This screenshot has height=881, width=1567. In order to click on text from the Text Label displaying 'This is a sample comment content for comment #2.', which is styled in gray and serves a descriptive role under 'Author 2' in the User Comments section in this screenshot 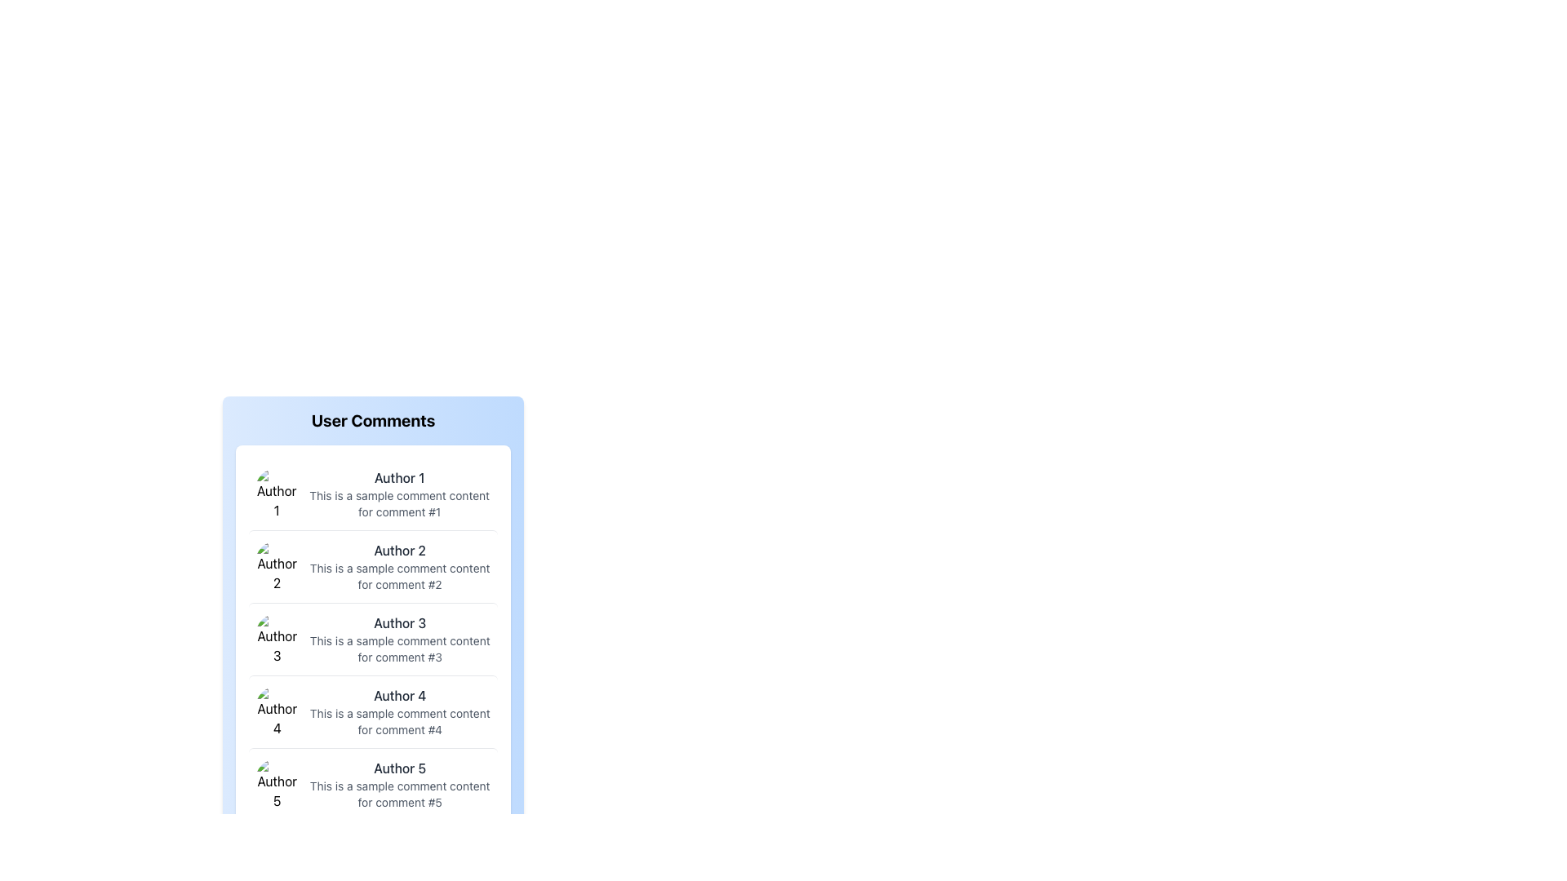, I will do `click(400, 575)`.